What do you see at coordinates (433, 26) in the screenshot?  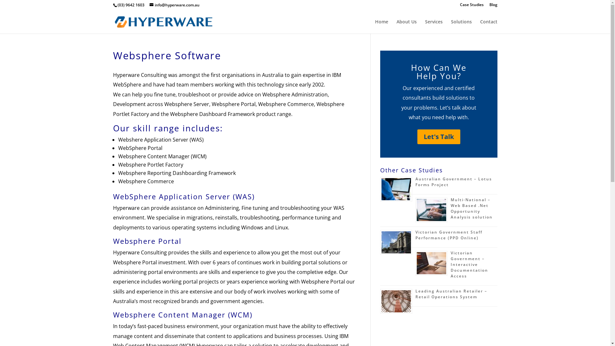 I see `'Services'` at bounding box center [433, 26].